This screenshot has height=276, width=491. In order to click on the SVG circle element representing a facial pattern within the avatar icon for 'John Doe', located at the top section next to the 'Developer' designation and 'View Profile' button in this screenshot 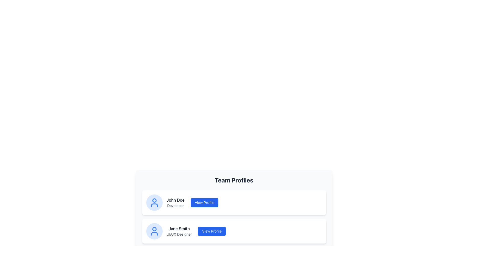, I will do `click(154, 200)`.